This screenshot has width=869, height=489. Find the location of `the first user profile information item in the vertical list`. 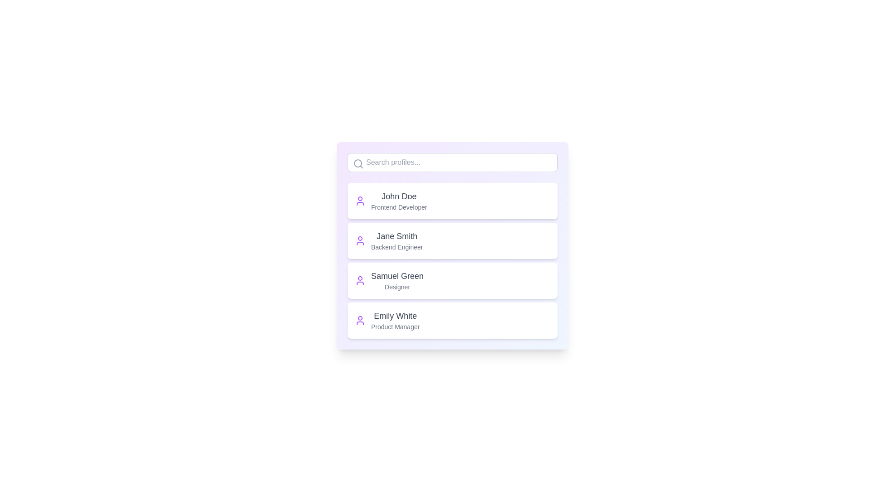

the first user profile information item in the vertical list is located at coordinates (452, 200).